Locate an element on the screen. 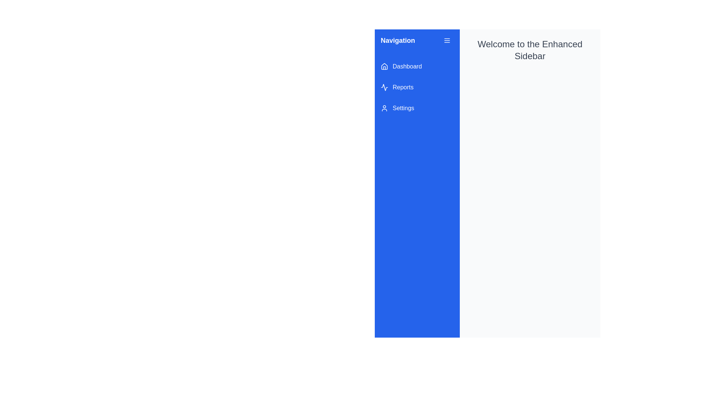 This screenshot has height=402, width=716. the user silhouette icon located in the left sidebar under the 'Settings' section, which is the first icon preceding the text 'Settings' is located at coordinates (384, 108).